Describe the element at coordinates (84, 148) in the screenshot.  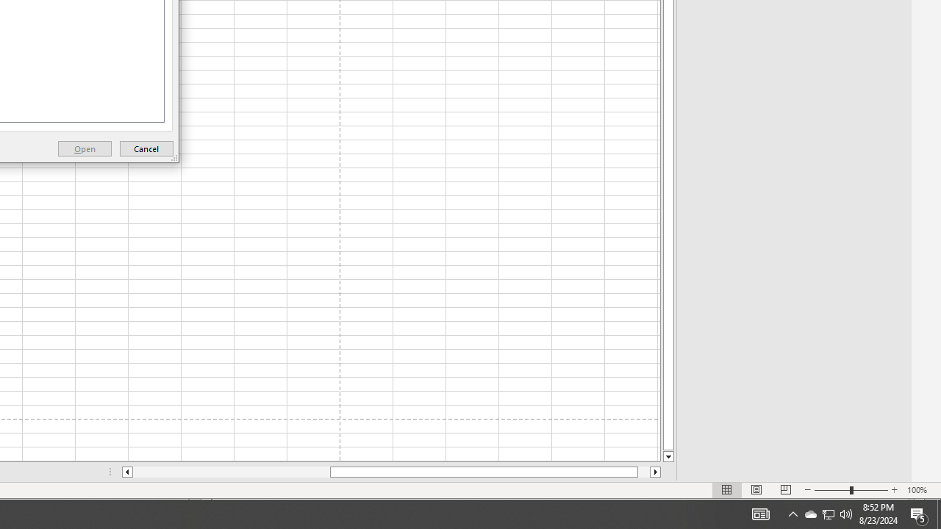
I see `'Open'` at that location.